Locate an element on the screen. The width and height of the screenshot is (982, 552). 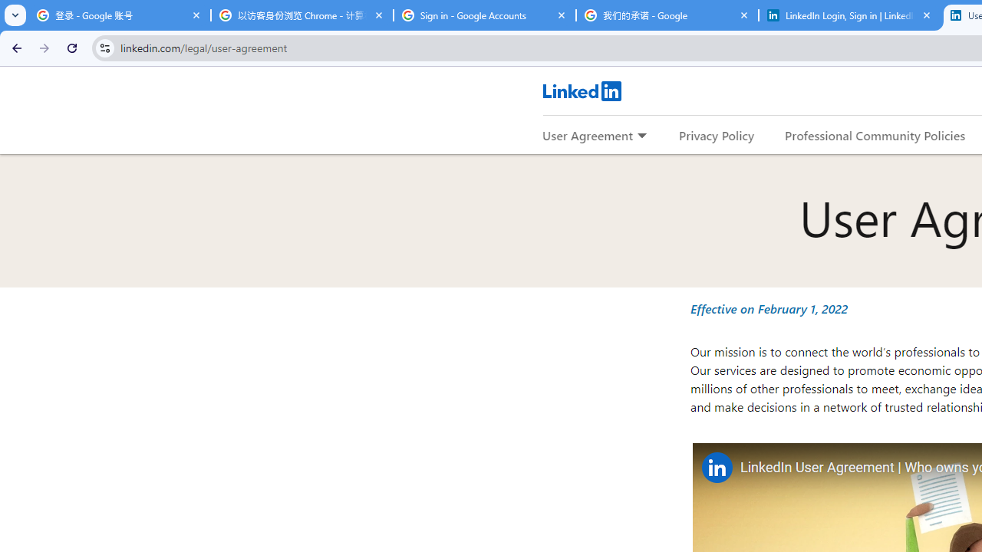
'LinkedIn Logo' is located at coordinates (581, 90).